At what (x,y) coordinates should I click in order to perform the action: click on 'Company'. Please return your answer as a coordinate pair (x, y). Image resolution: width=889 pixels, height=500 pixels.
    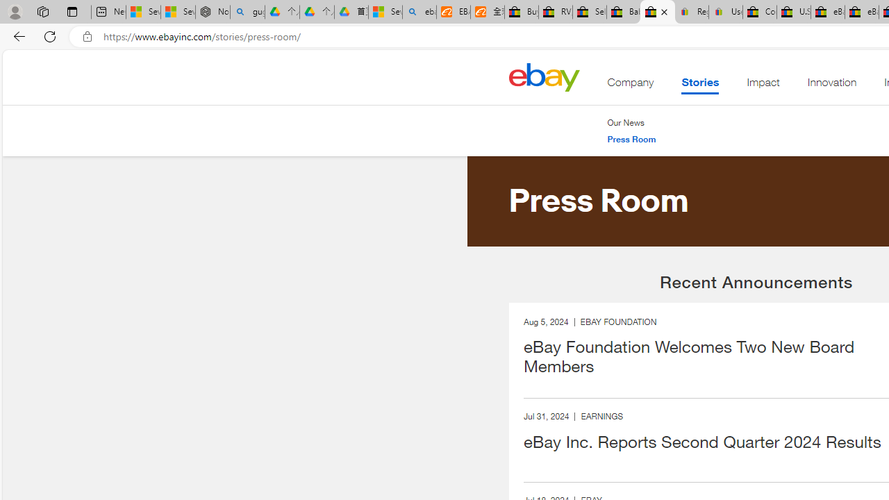
    Looking at the image, I should click on (630, 85).